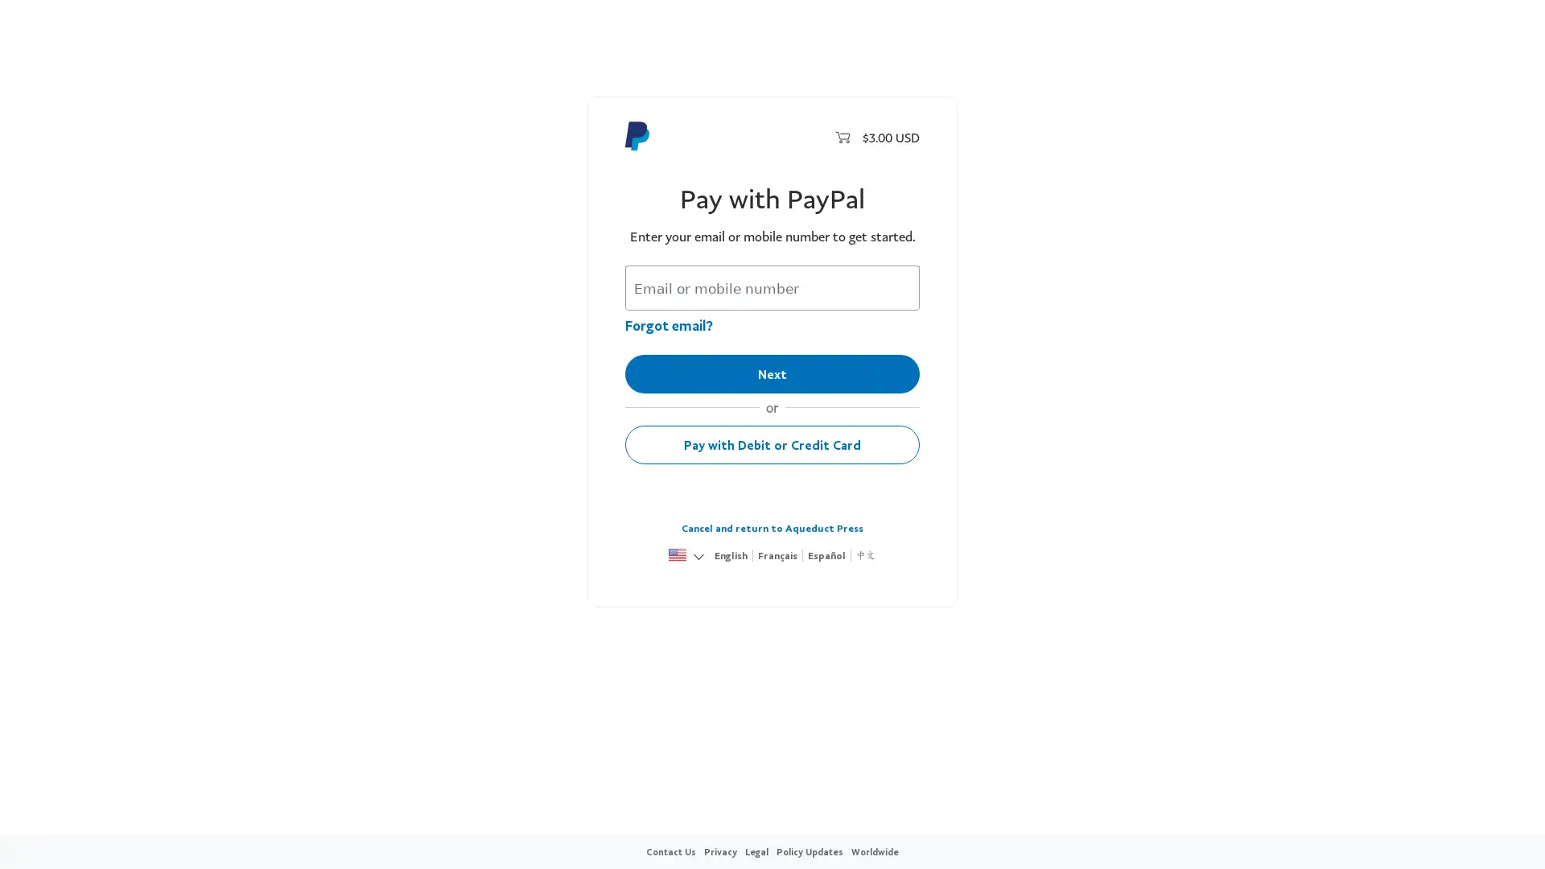 Image resolution: width=1545 pixels, height=869 pixels. Describe the element at coordinates (772, 374) in the screenshot. I see `Next` at that location.